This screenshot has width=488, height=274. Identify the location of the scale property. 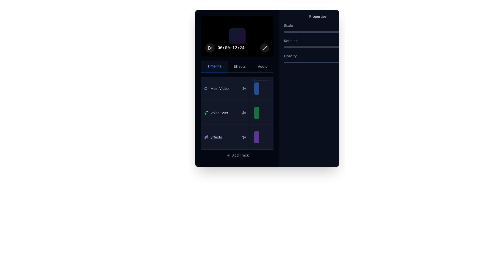
(318, 32).